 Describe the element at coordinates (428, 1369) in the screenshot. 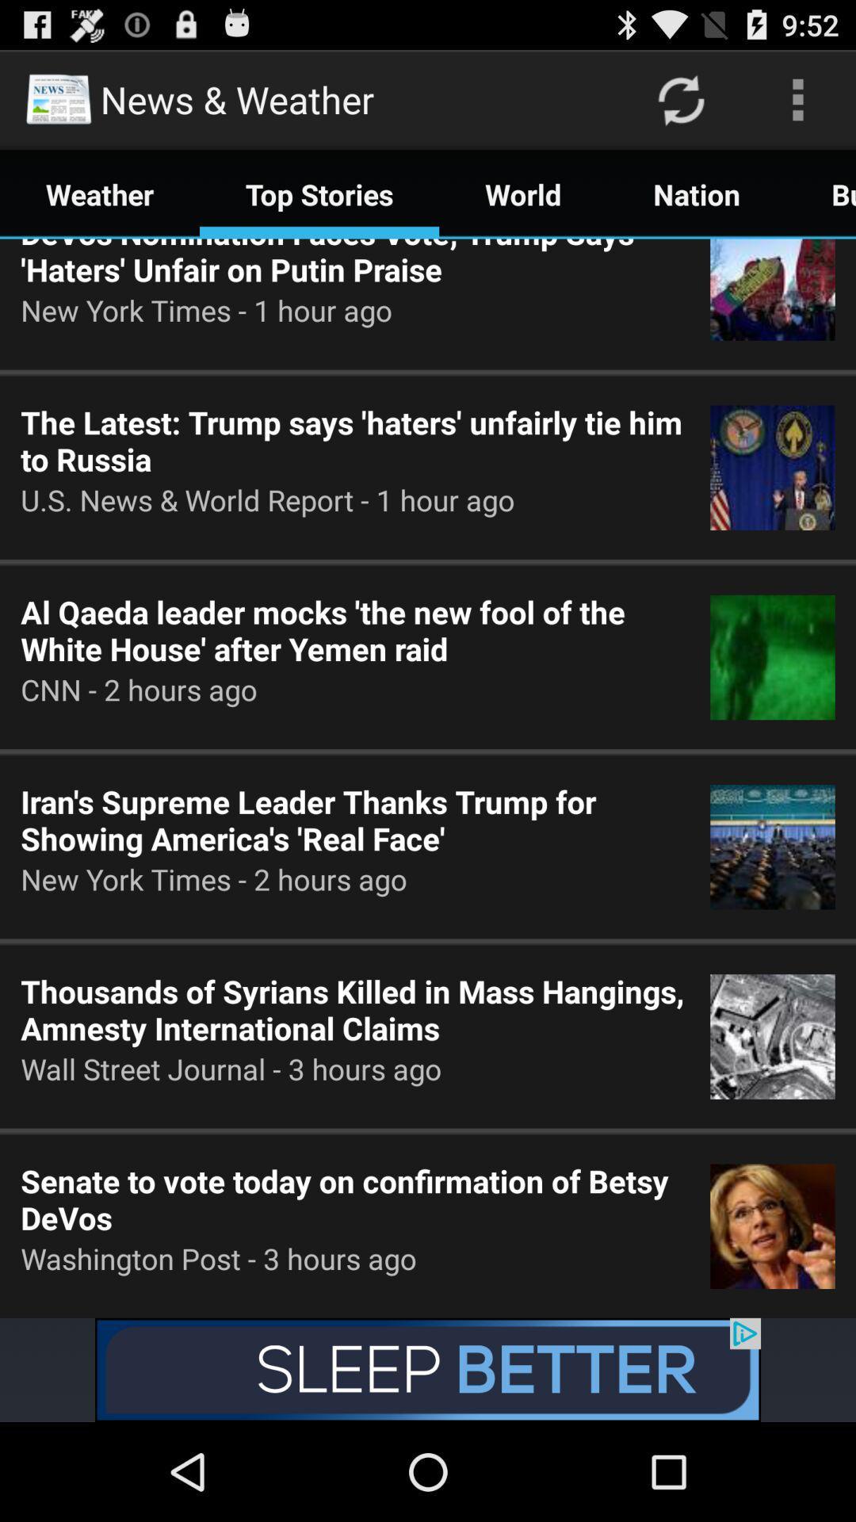

I see `clickable advertisement` at that location.